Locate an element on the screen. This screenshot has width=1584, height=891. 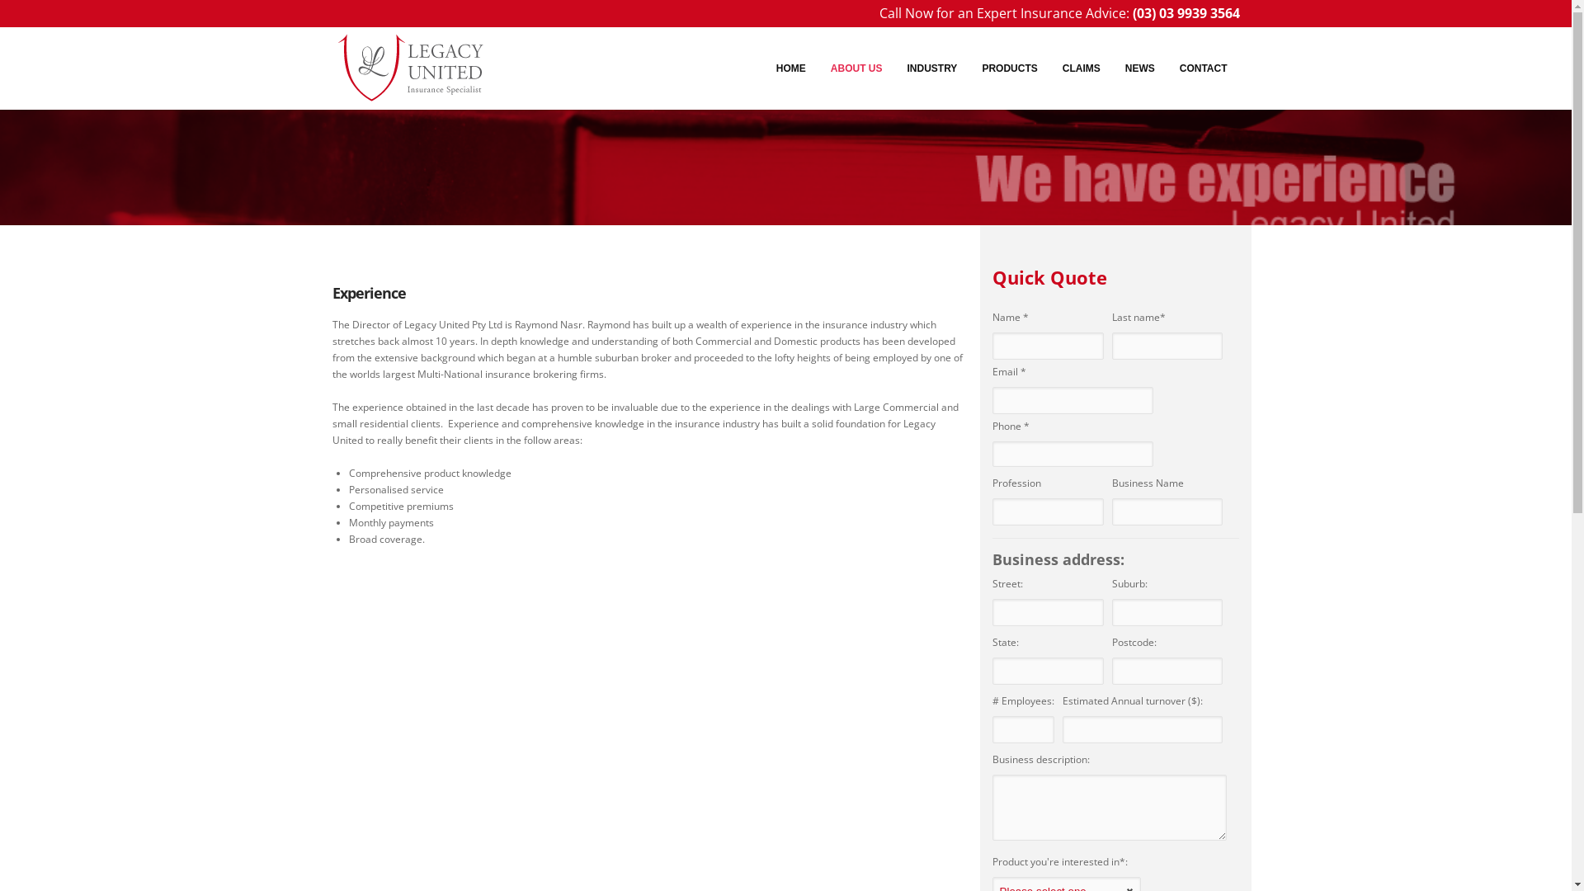
'PRODUCTS' is located at coordinates (1008, 68).